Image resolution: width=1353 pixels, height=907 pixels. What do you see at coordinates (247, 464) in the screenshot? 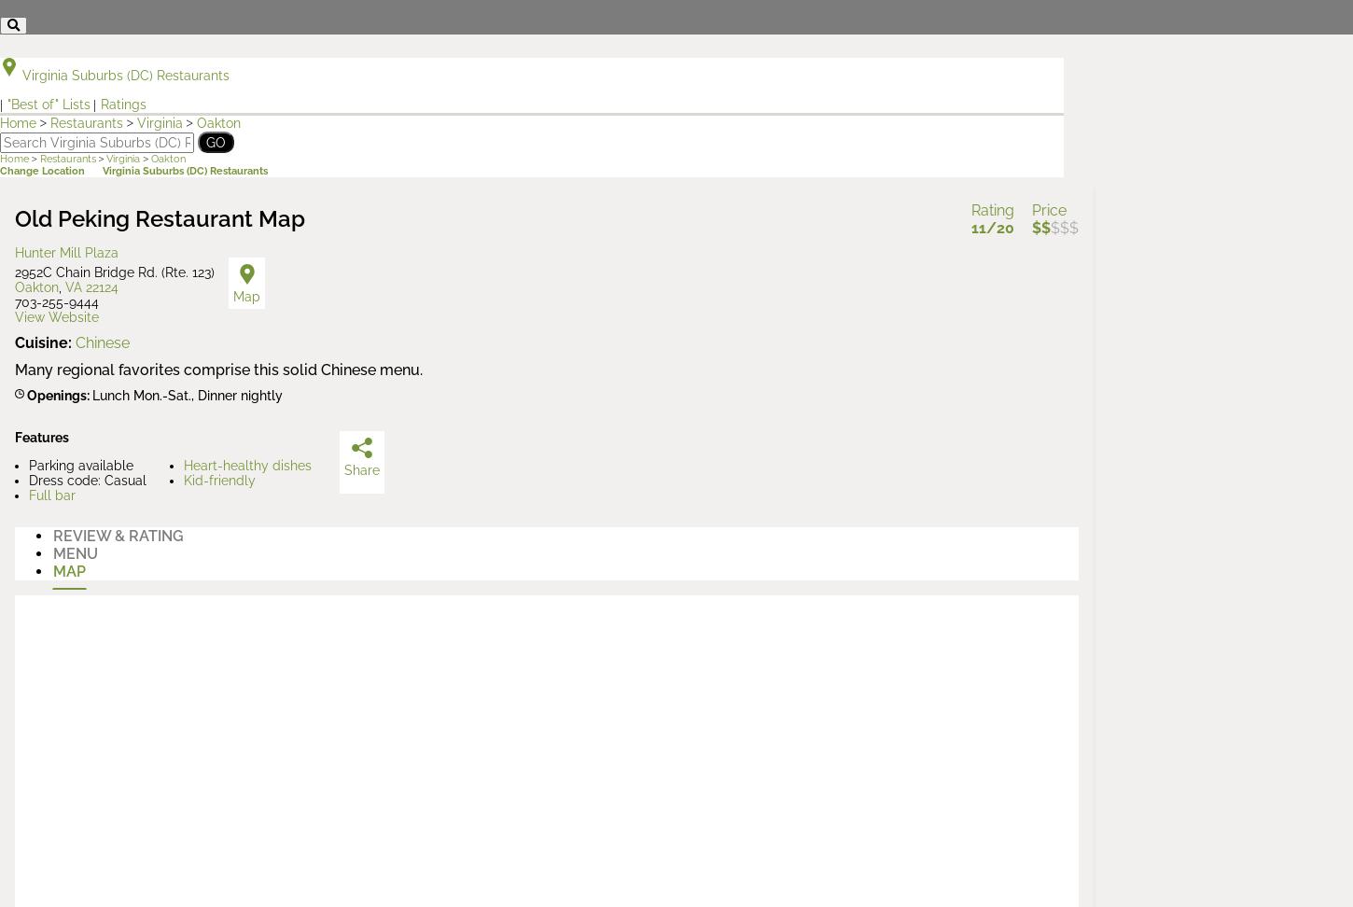
I see `'Heart-healthy dishes'` at bounding box center [247, 464].